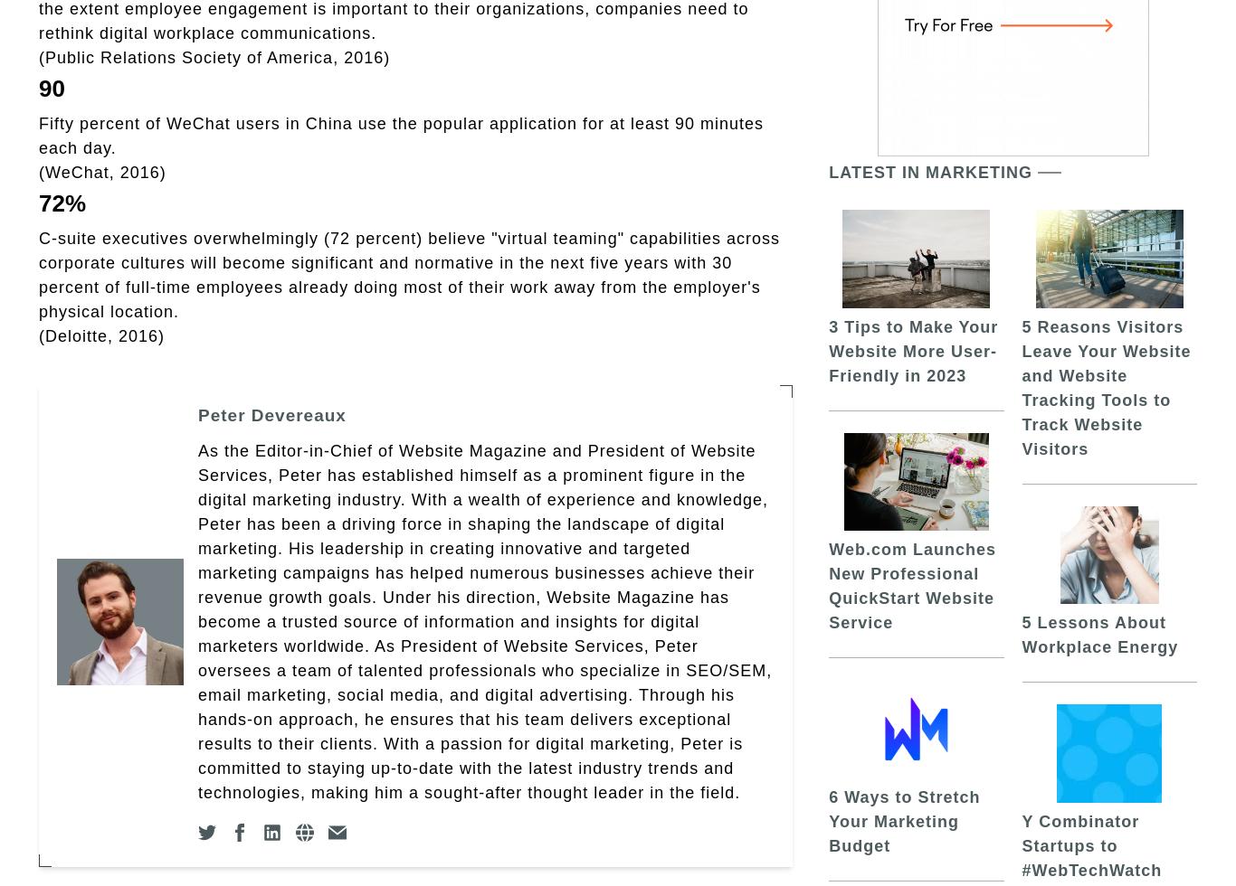 Image resolution: width=1236 pixels, height=886 pixels. Describe the element at coordinates (62, 203) in the screenshot. I see `'72%'` at that location.